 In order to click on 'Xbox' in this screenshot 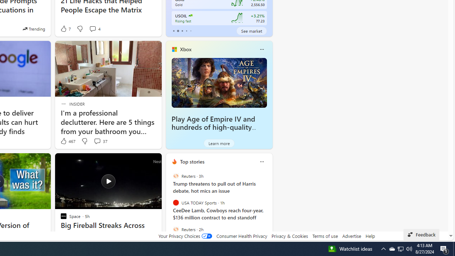, I will do `click(186, 49)`.